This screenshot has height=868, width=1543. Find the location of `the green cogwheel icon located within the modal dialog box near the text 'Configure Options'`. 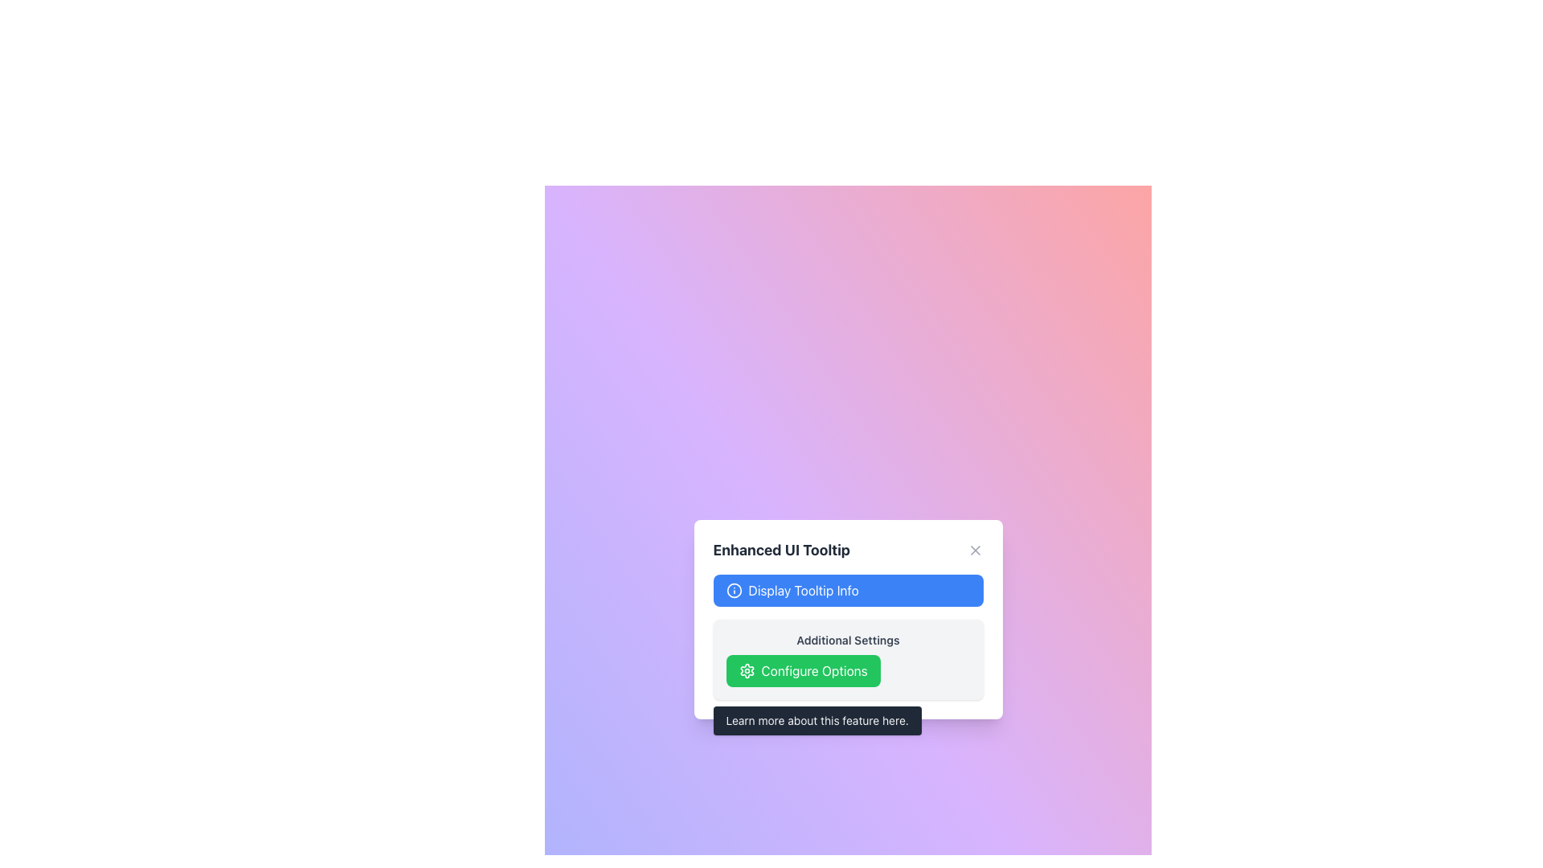

the green cogwheel icon located within the modal dialog box near the text 'Configure Options' is located at coordinates (746, 670).